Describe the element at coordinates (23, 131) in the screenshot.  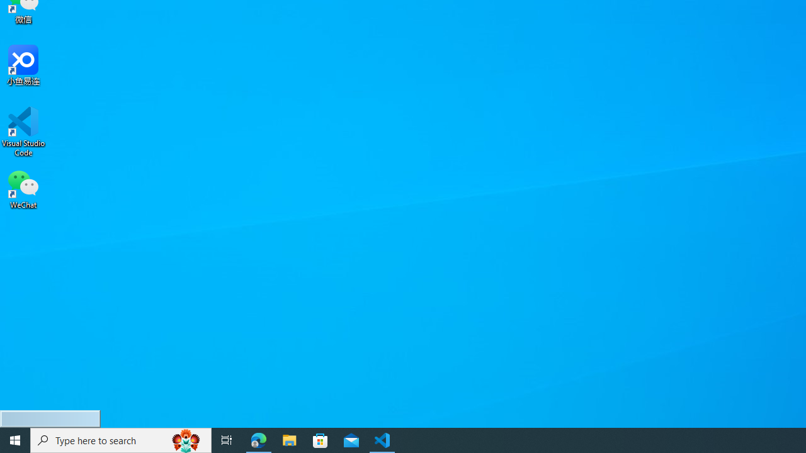
I see `'Visual Studio Code'` at that location.